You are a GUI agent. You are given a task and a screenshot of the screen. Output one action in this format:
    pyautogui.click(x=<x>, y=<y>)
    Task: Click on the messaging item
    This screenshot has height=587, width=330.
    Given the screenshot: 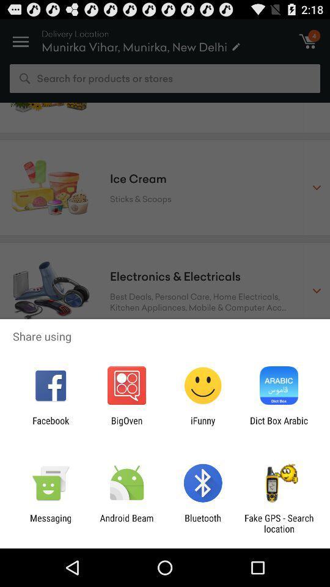 What is the action you would take?
    pyautogui.click(x=50, y=523)
    